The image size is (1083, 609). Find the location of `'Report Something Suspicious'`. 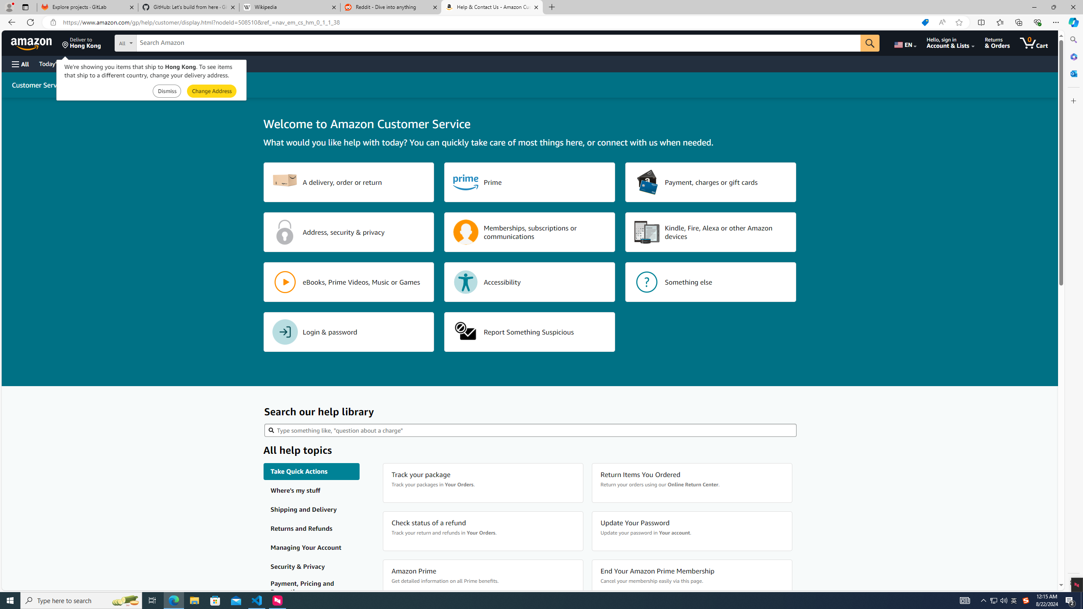

'Report Something Suspicious' is located at coordinates (529, 332).